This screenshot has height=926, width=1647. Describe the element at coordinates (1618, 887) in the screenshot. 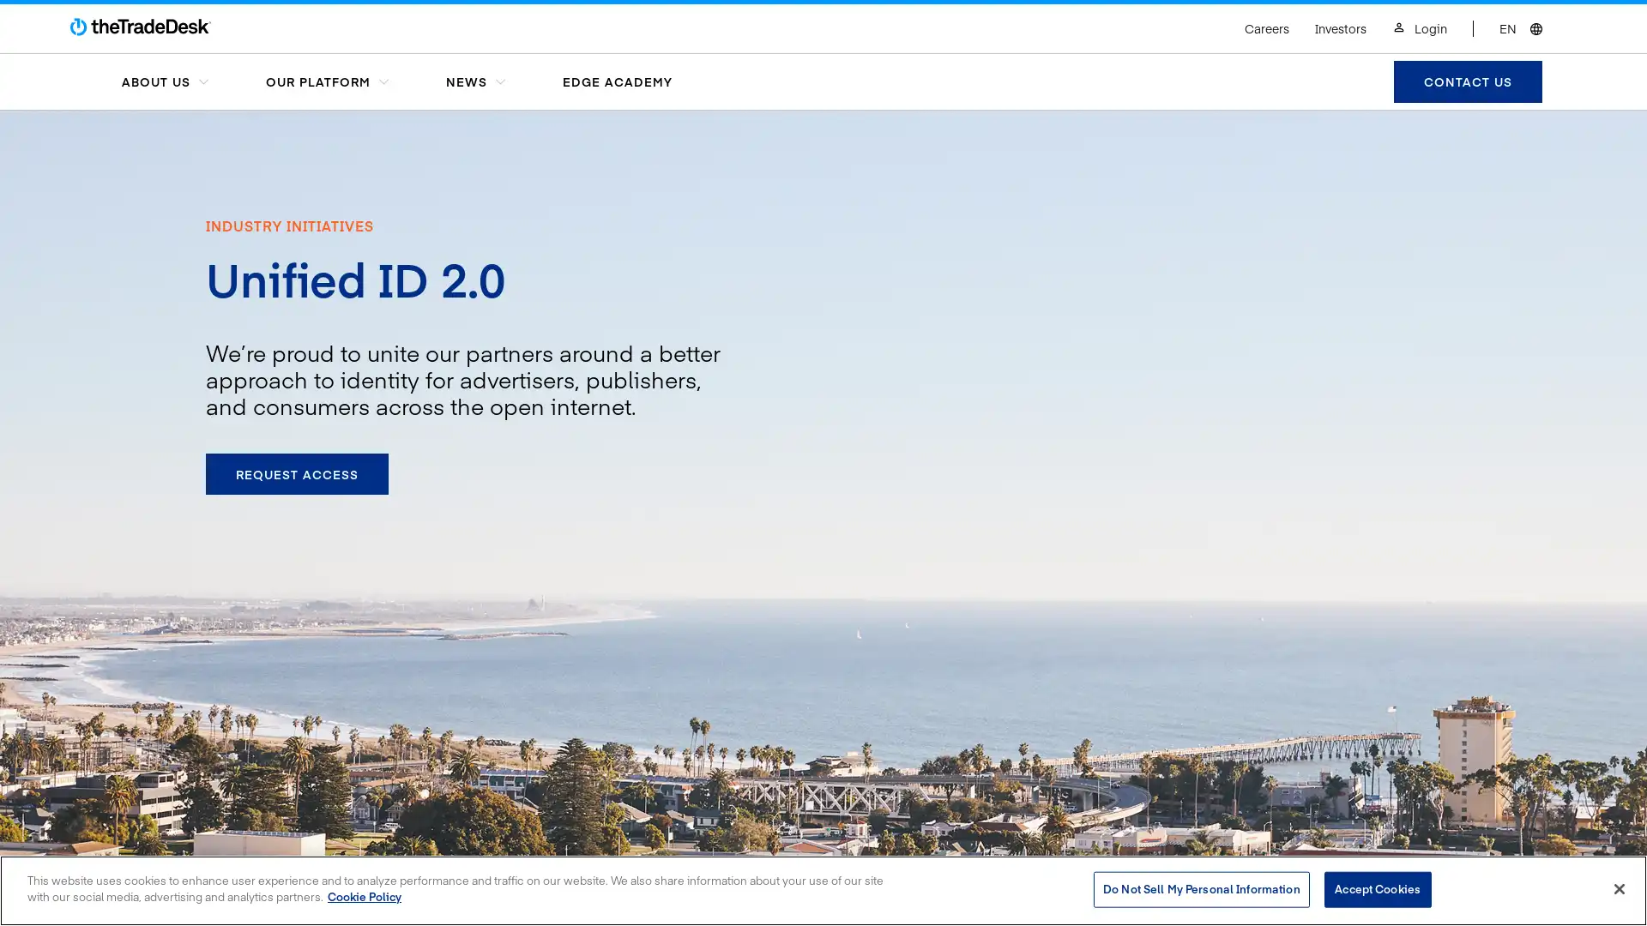

I see `Close` at that location.